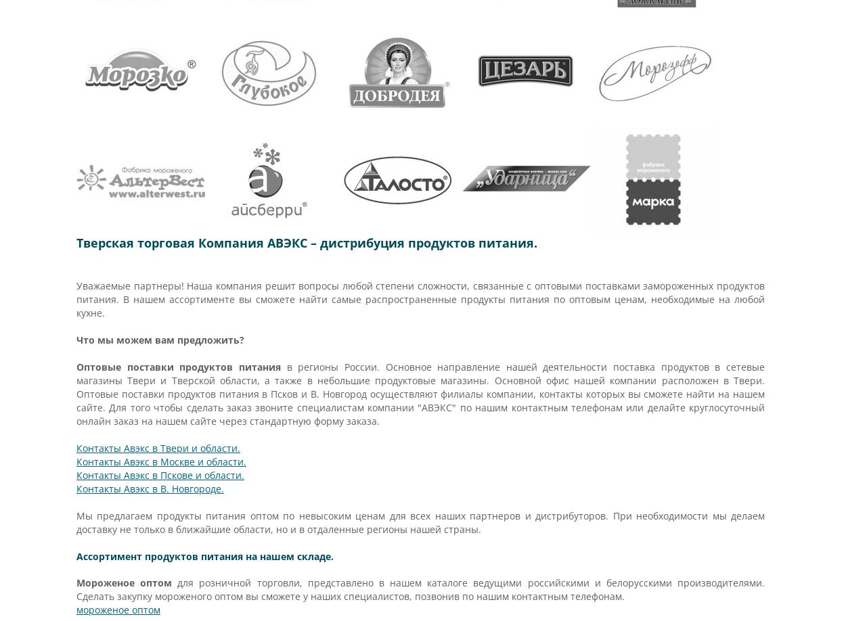 This screenshot has width=846, height=621. What do you see at coordinates (306, 243) in the screenshot?
I see `'Тверская торговая Компания АВЭКС – дистрибуция продуктов питания.'` at bounding box center [306, 243].